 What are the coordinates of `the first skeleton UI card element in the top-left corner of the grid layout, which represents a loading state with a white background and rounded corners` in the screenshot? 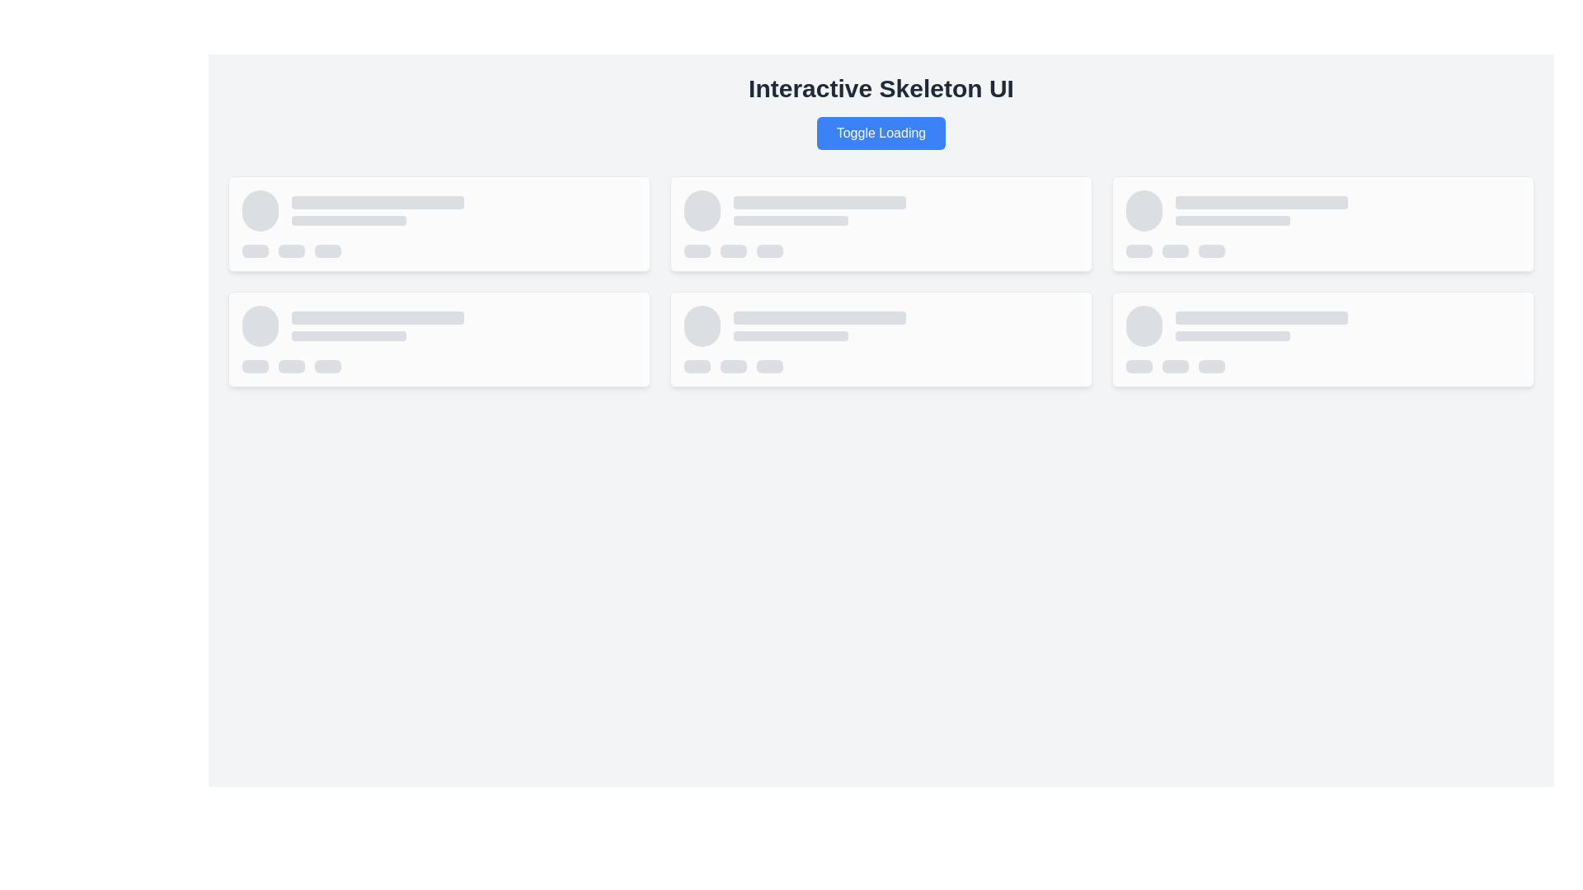 It's located at (439, 224).